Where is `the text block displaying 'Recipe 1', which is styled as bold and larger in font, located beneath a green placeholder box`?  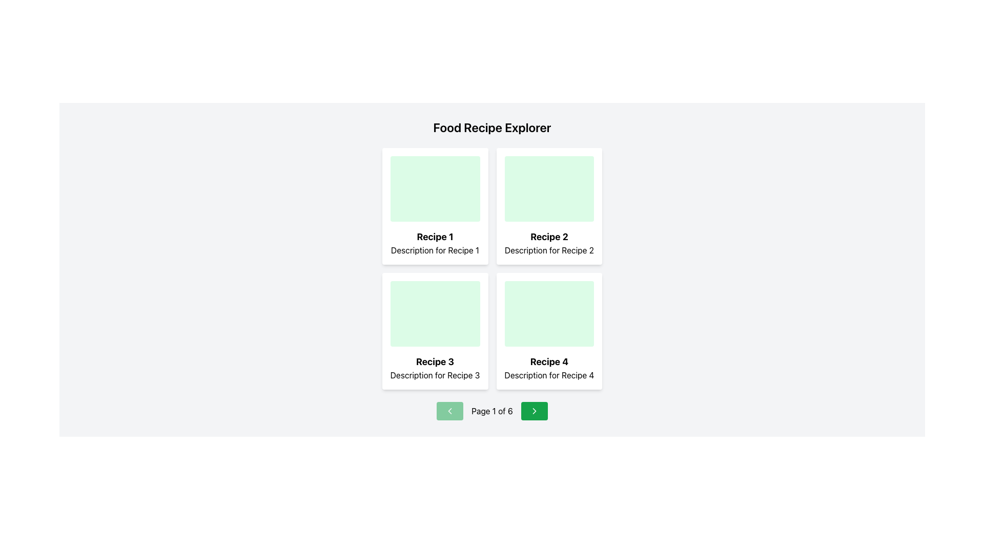 the text block displaying 'Recipe 1', which is styled as bold and larger in font, located beneath a green placeholder box is located at coordinates (435, 237).